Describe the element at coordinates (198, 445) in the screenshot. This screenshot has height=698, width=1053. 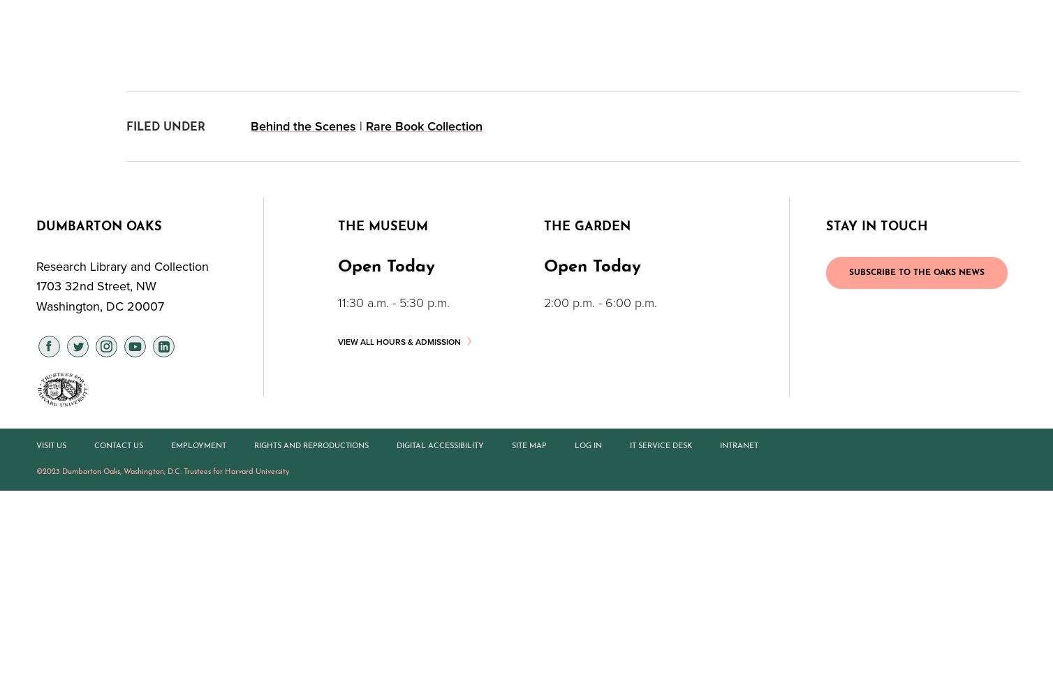
I see `'Employment'` at that location.